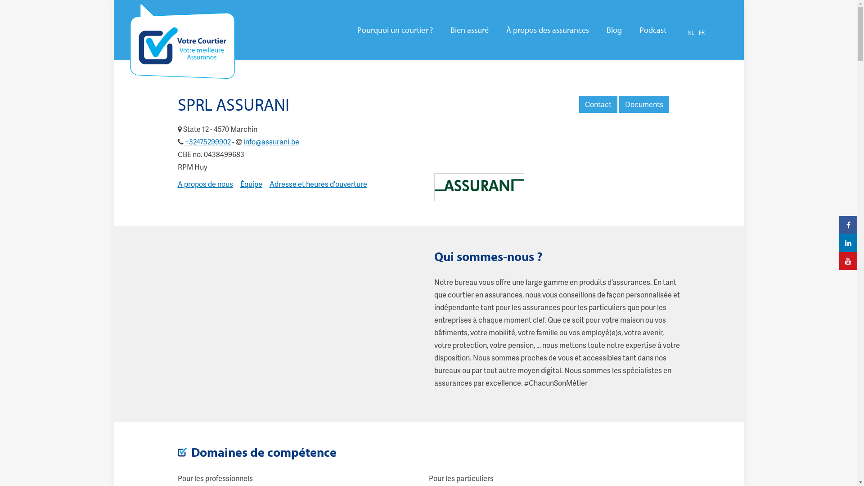  I want to click on 'A propos de nous', so click(204, 183).